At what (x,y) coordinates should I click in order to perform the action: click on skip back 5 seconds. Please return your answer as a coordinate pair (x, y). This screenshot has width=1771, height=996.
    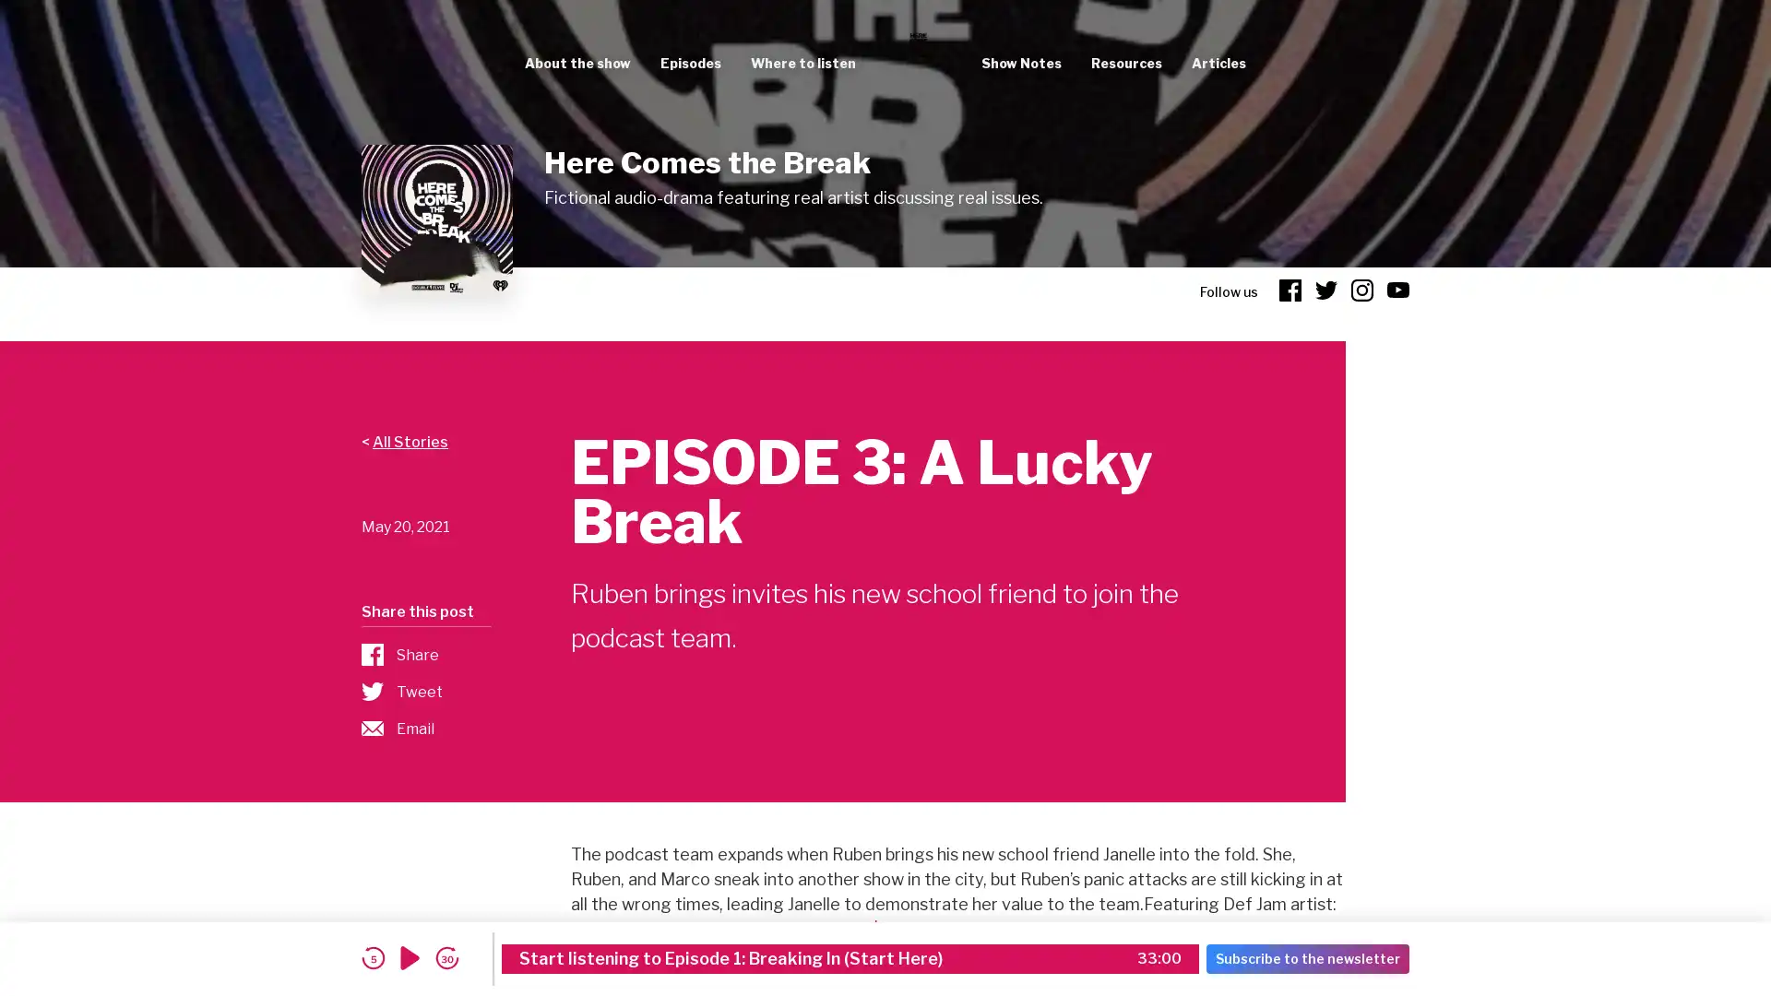
    Looking at the image, I should click on (372, 957).